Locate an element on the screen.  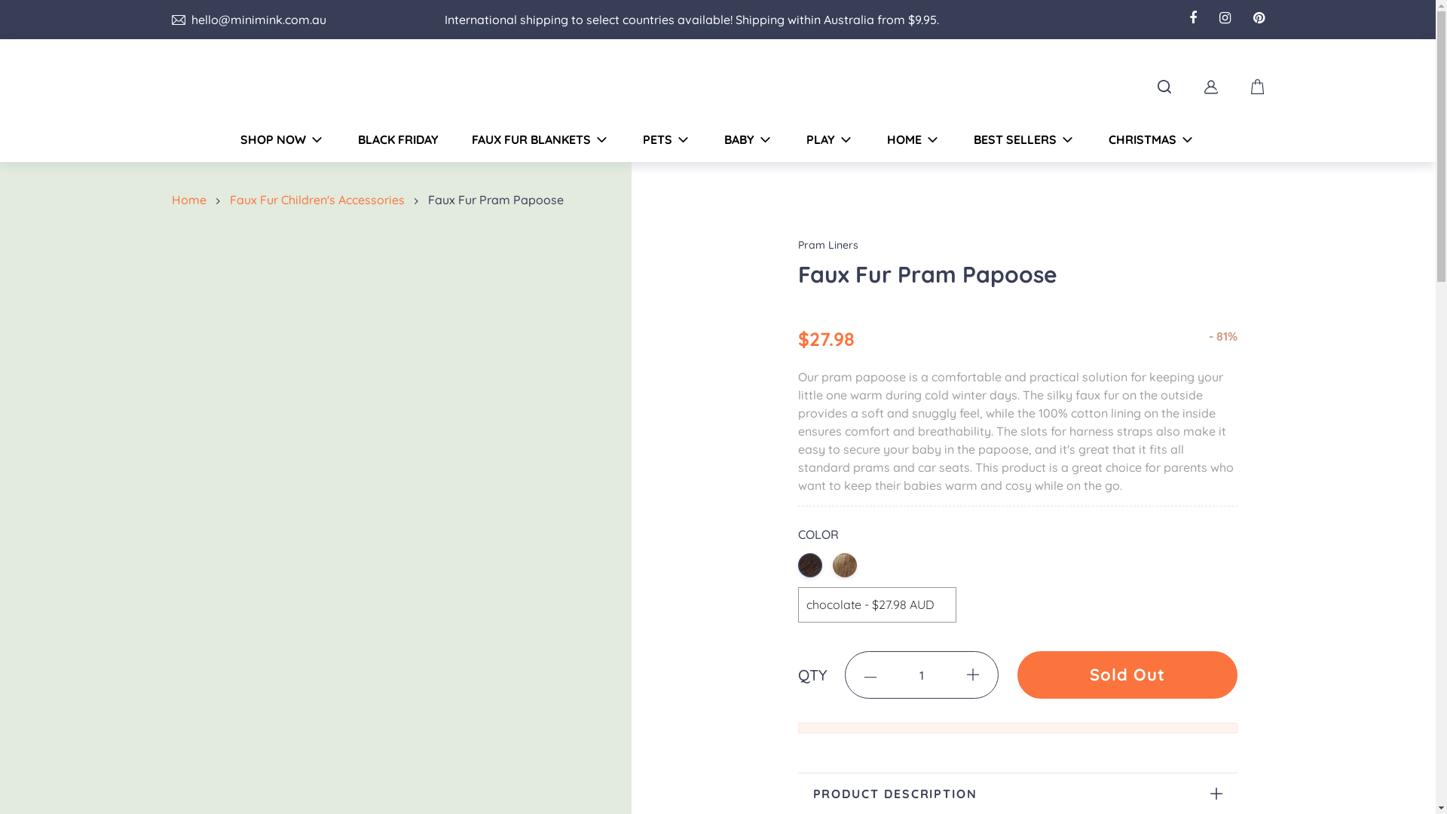
'Faux Fur Children'S Accessories' is located at coordinates (318, 199).